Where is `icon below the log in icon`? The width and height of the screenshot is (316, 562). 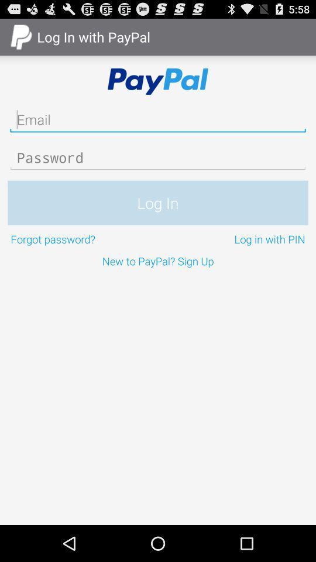 icon below the log in icon is located at coordinates (82, 238).